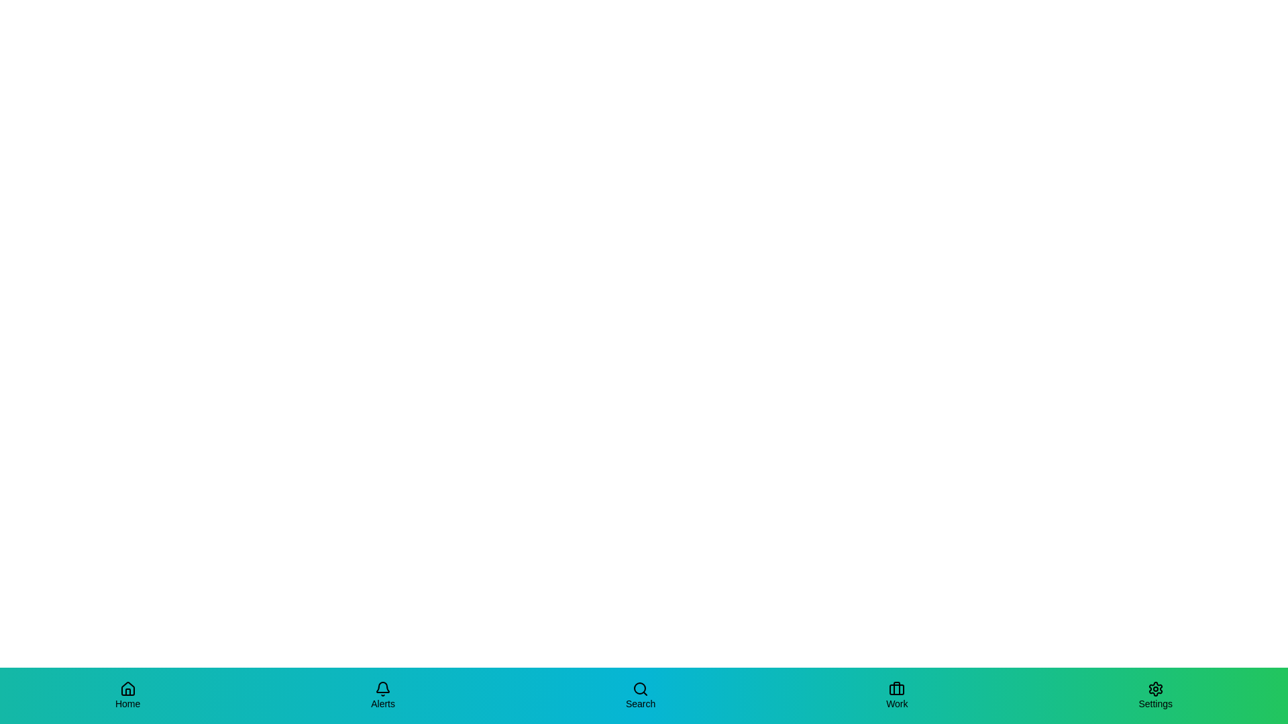 The width and height of the screenshot is (1288, 724). Describe the element at coordinates (127, 695) in the screenshot. I see `the Home tab to observe the scale effect` at that location.